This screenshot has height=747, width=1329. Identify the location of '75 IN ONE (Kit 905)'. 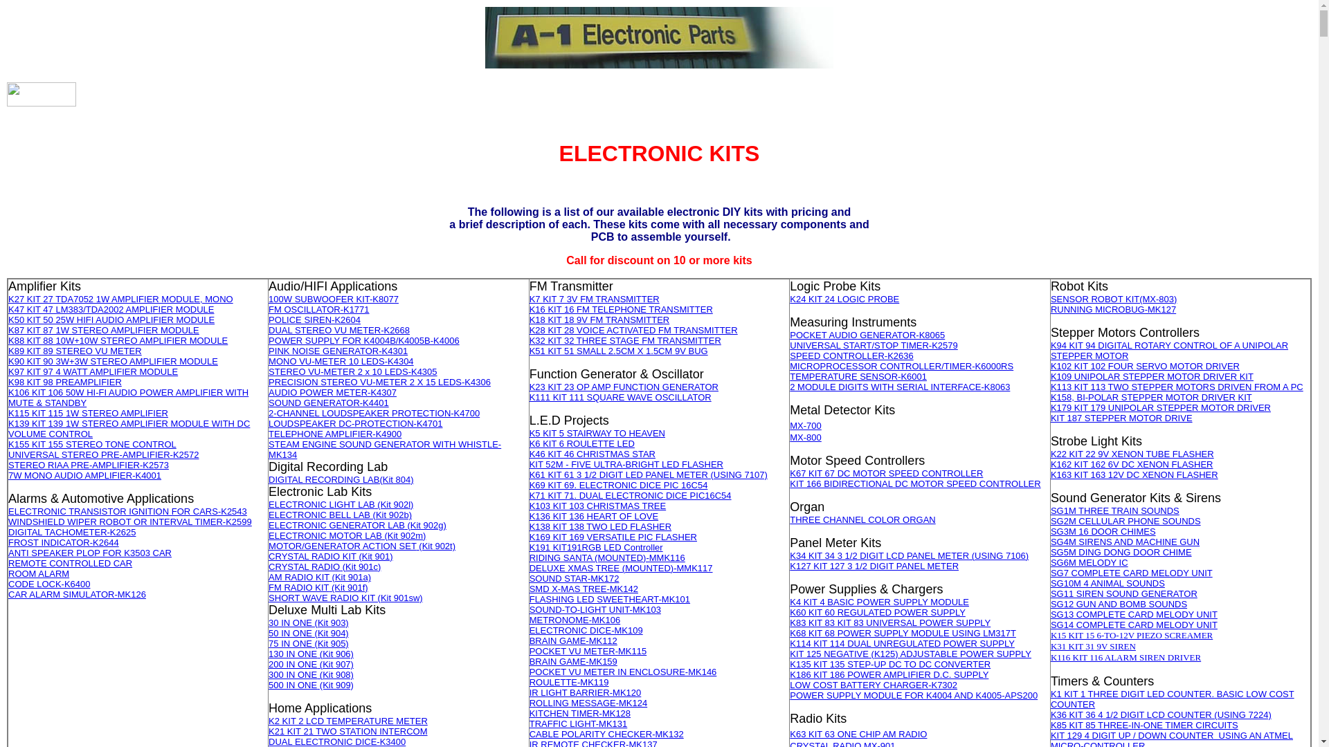
(308, 643).